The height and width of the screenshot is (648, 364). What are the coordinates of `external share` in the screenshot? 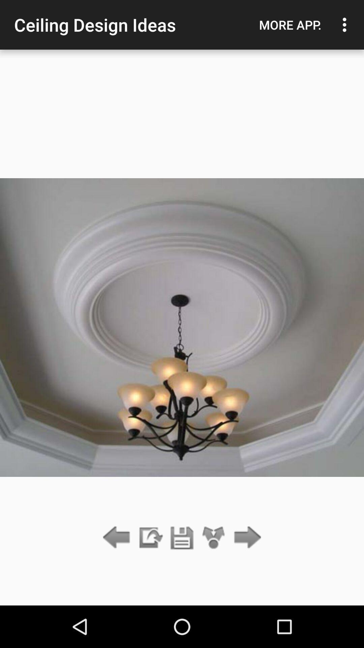 It's located at (150, 538).